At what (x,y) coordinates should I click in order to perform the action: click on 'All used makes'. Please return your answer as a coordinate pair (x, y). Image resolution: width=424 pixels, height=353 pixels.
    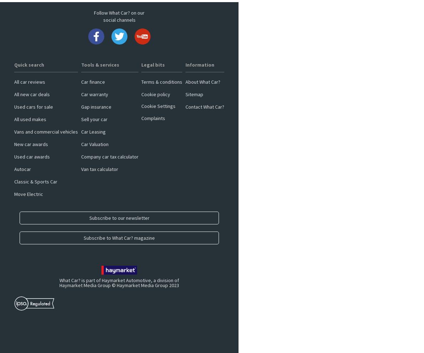
    Looking at the image, I should click on (30, 119).